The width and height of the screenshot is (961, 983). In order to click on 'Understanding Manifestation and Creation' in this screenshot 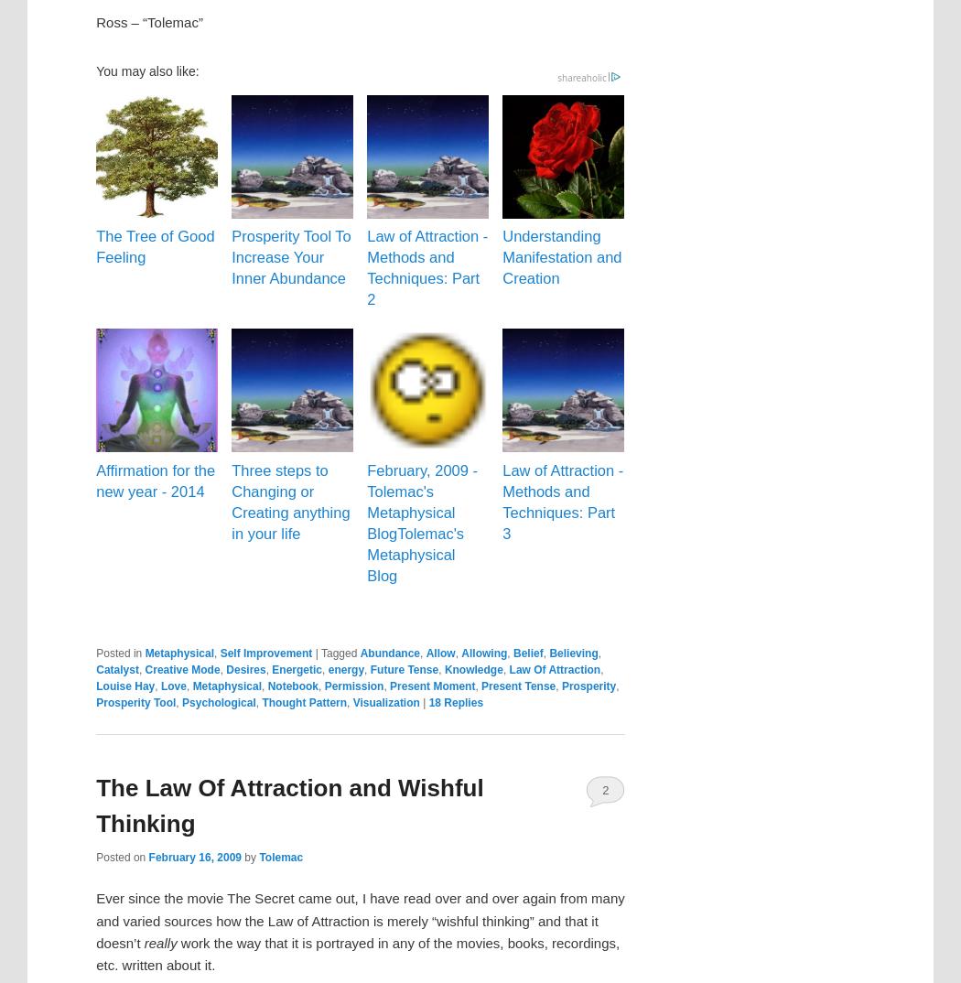, I will do `click(562, 256)`.